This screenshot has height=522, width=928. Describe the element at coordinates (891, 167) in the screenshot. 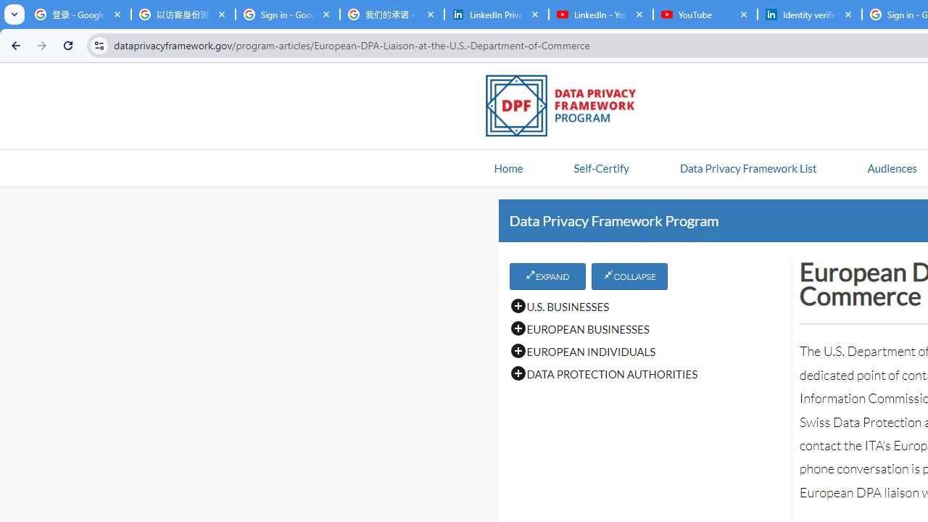

I see `'AutomationID: navitem'` at that location.